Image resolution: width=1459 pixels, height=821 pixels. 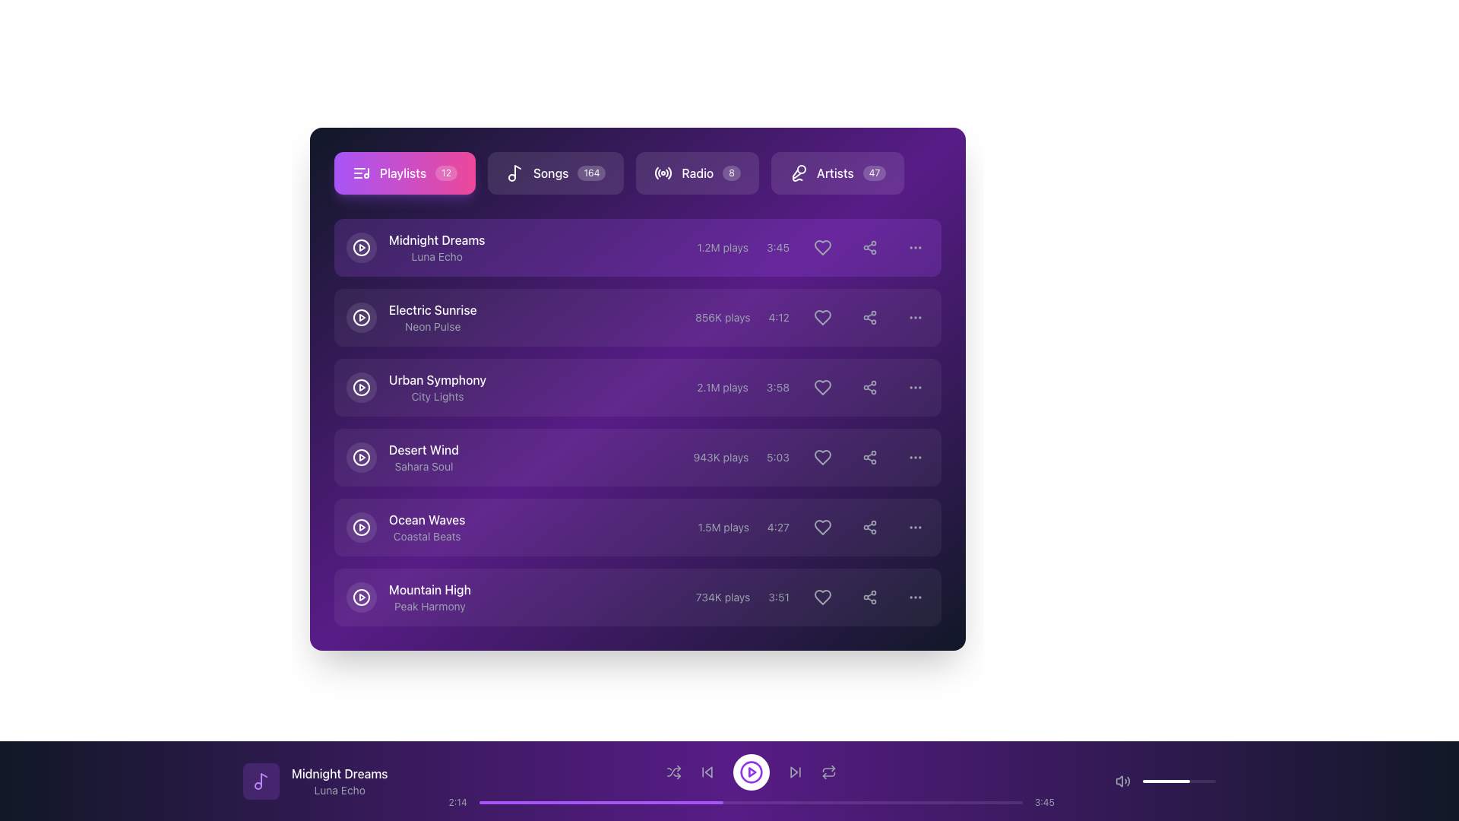 I want to click on the heart icon button styled as an outline with gray color, located in the second slot of the list for the song 'Electric Sunrise', so click(x=812, y=316).